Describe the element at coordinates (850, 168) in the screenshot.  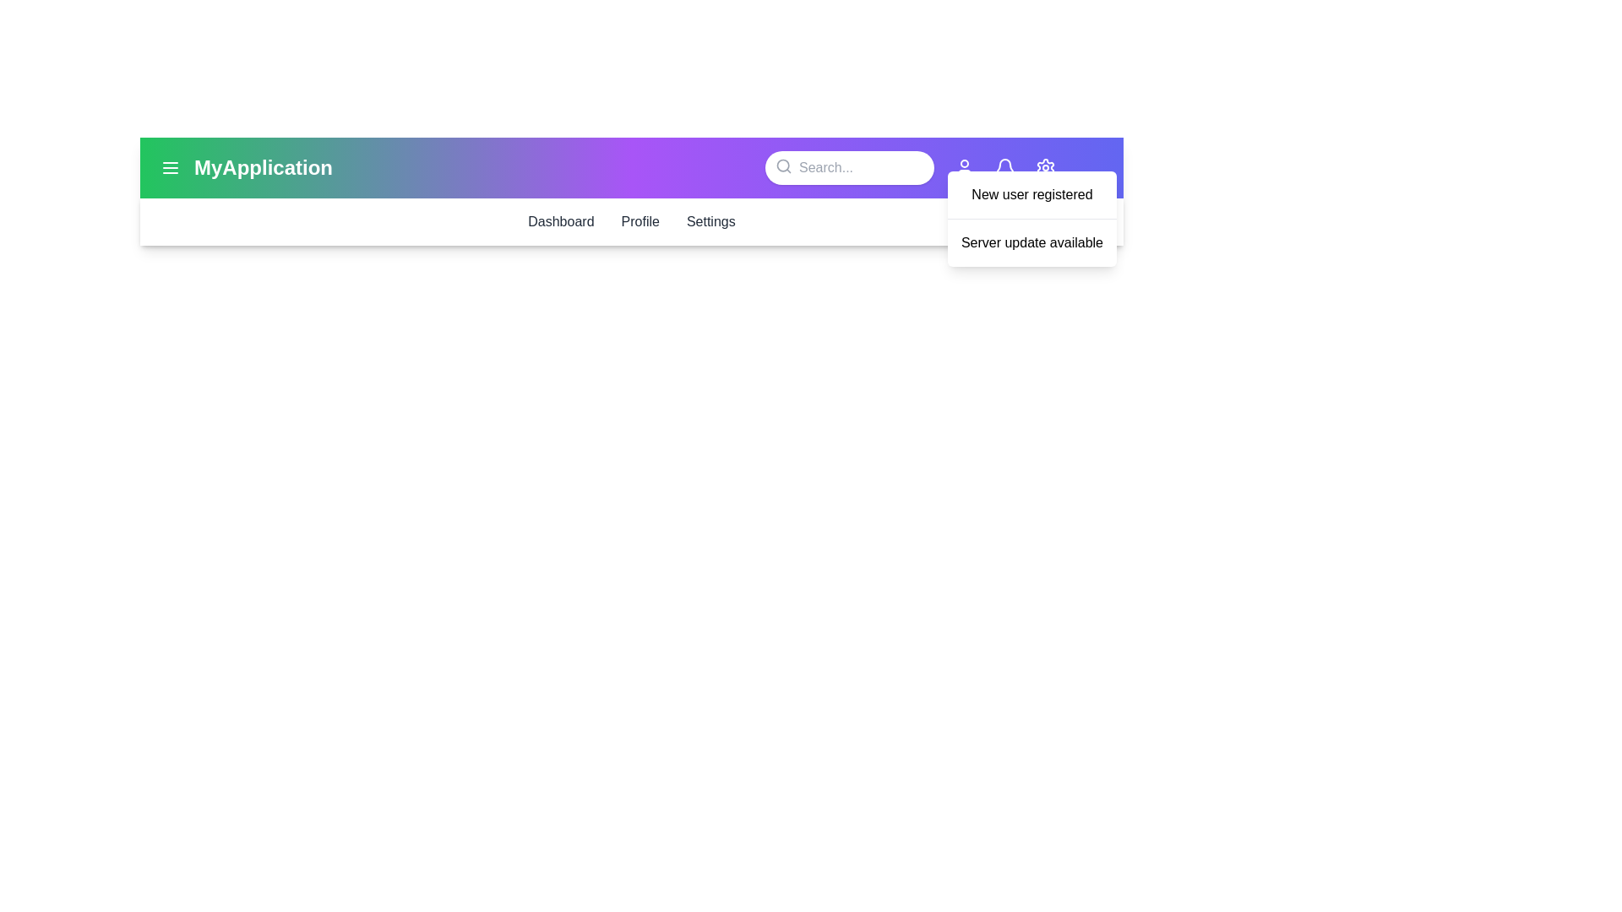
I see `the search bar and type 'example text'` at that location.